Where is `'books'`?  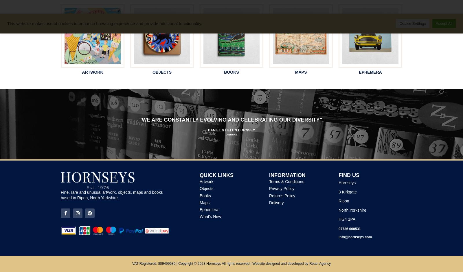
'books' is located at coordinates (231, 71).